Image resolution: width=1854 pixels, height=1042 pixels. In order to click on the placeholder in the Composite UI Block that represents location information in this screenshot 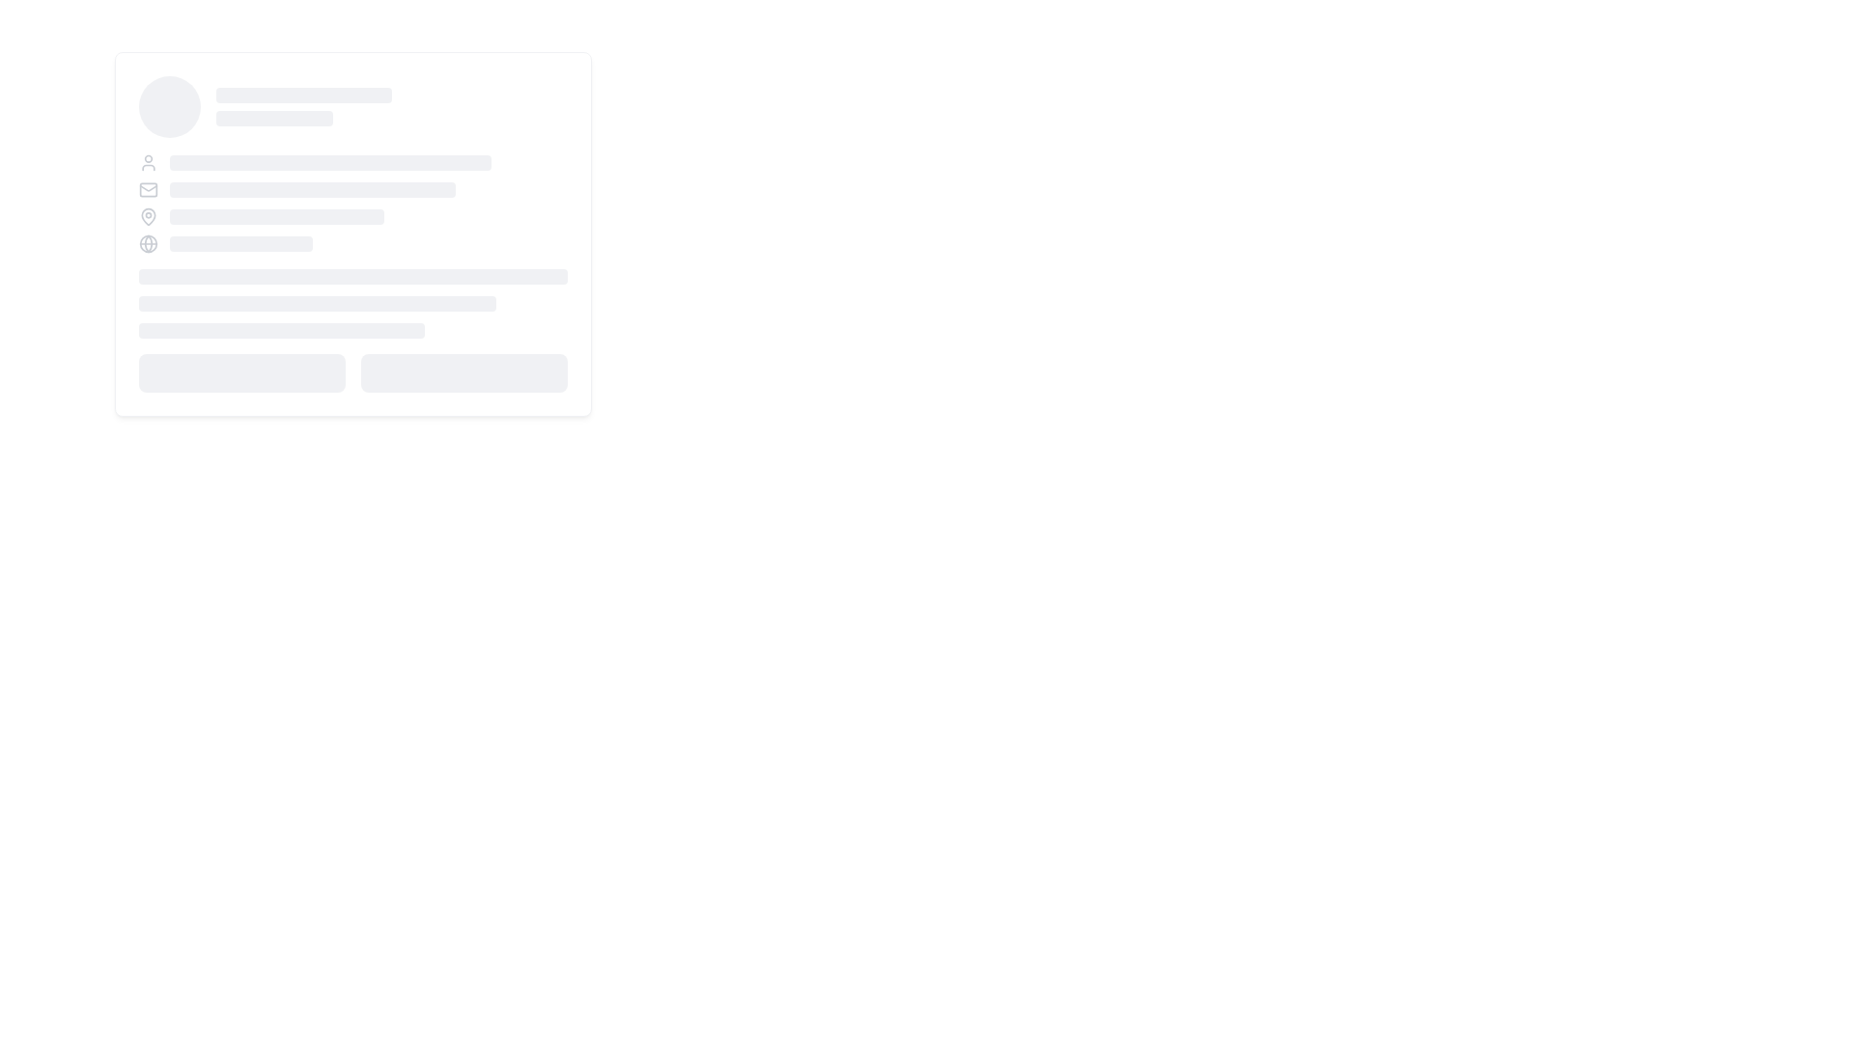, I will do `click(352, 216)`.